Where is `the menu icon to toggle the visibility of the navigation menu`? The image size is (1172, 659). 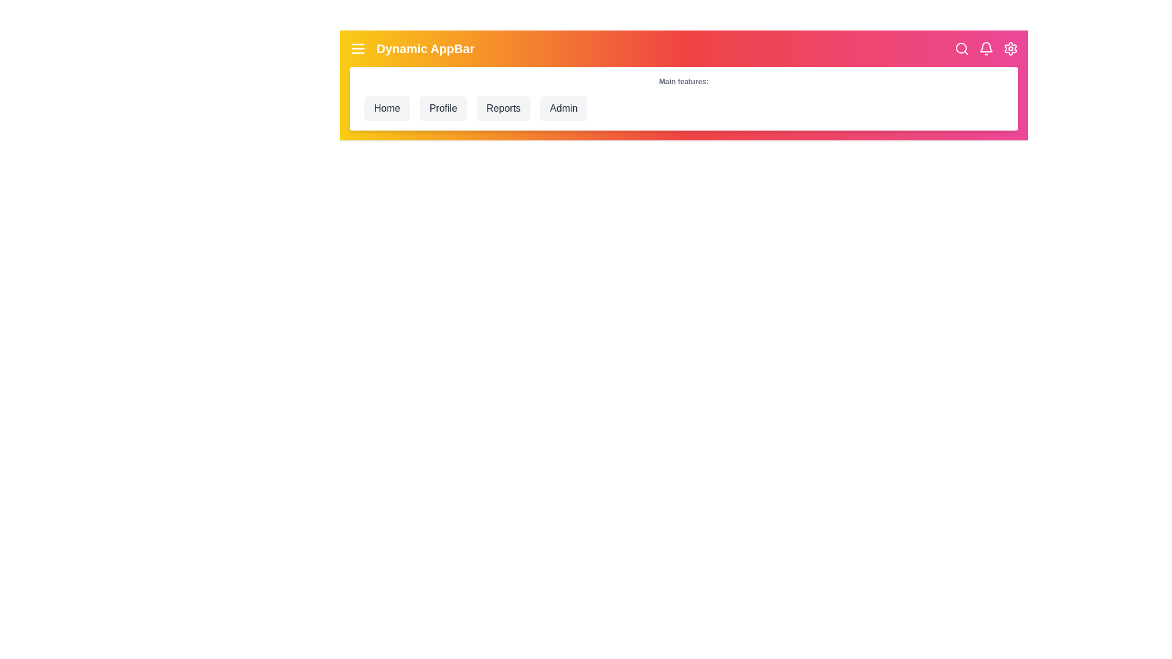 the menu icon to toggle the visibility of the navigation menu is located at coordinates (357, 48).